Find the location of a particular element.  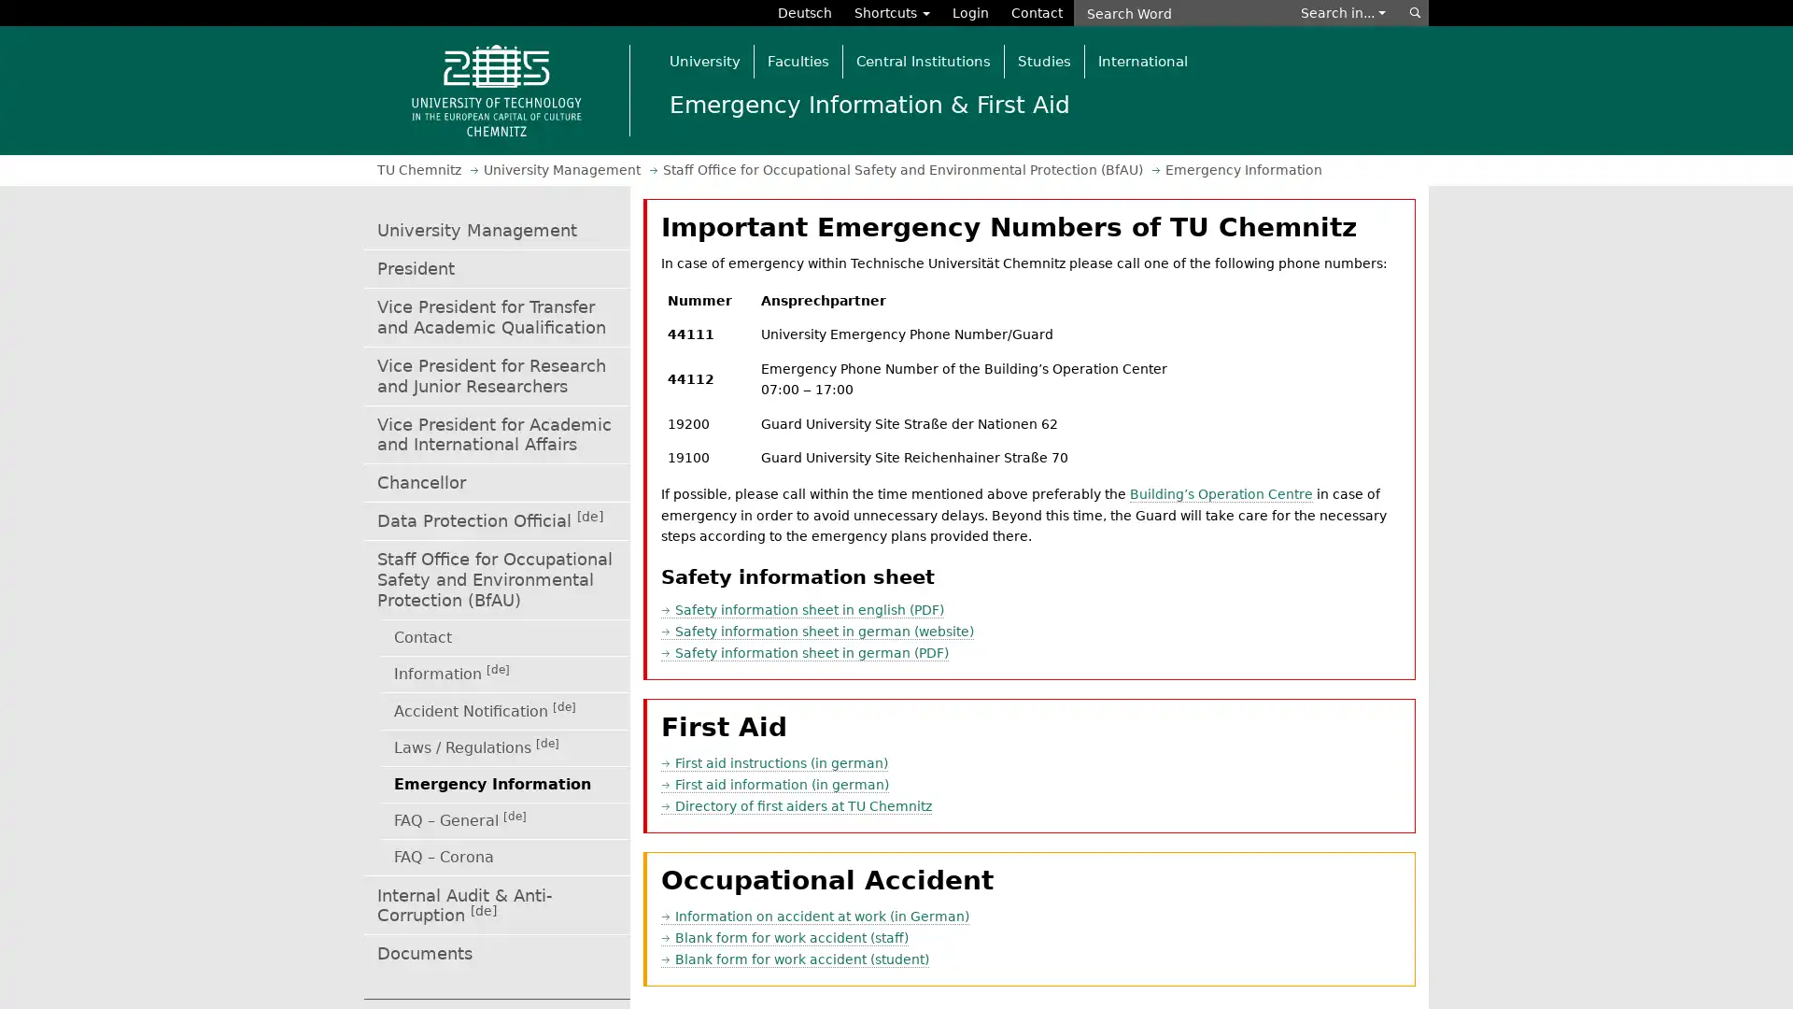

University is located at coordinates (703, 60).